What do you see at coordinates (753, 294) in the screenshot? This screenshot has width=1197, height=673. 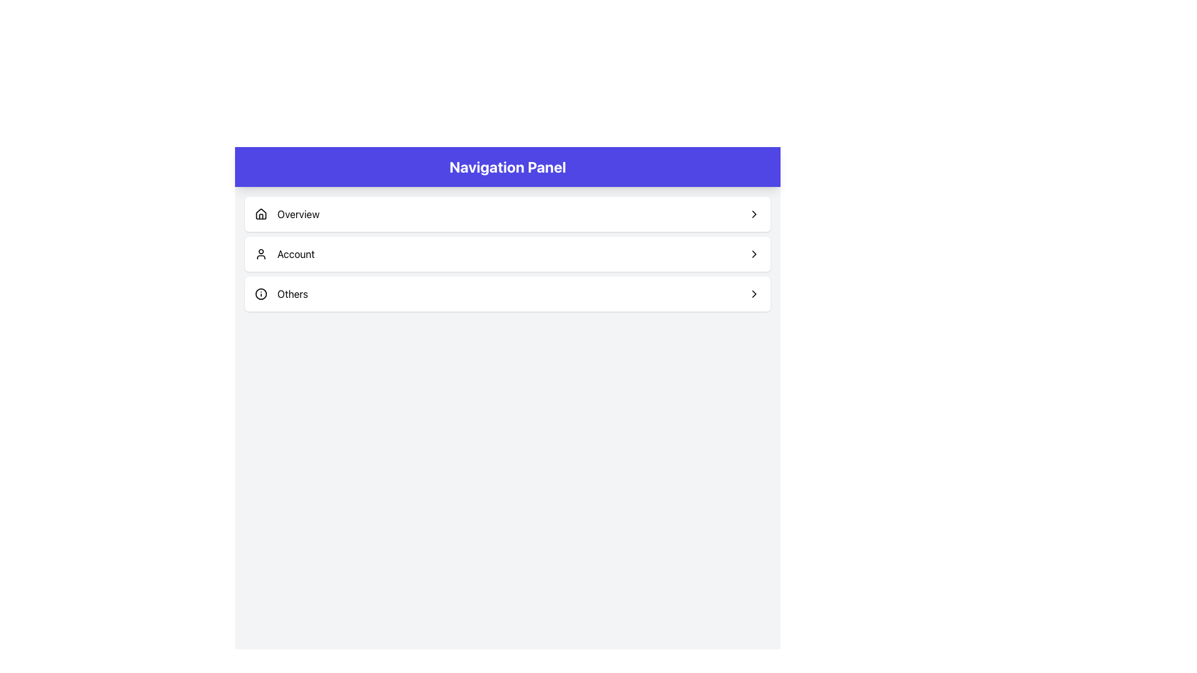 I see `the rightward chevron icon for the 'Others' list item in the navigation panel` at bounding box center [753, 294].